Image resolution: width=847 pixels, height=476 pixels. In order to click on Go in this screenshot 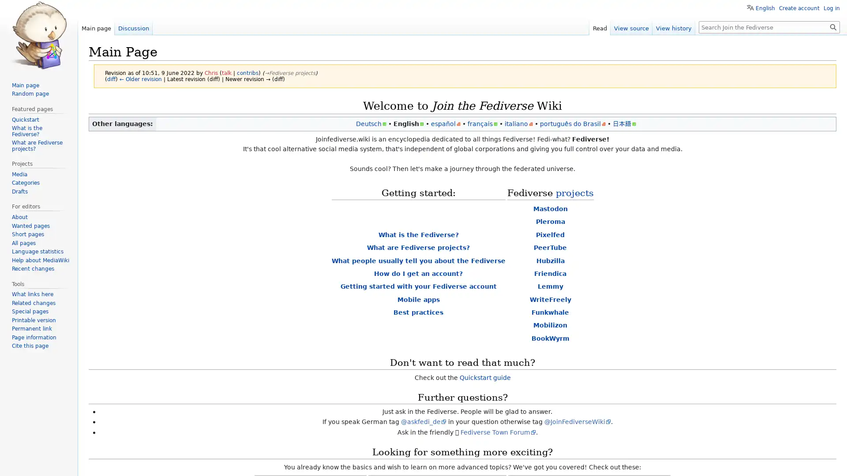, I will do `click(833, 26)`.